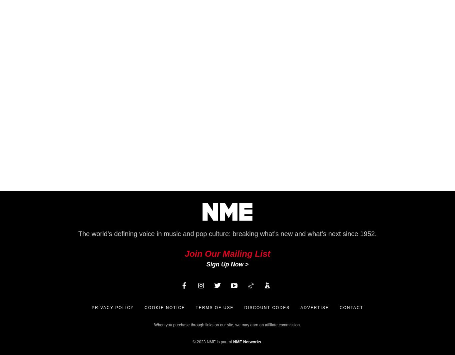 Image resolution: width=455 pixels, height=355 pixels. What do you see at coordinates (213, 342) in the screenshot?
I see `'© 2023 NME is part of'` at bounding box center [213, 342].